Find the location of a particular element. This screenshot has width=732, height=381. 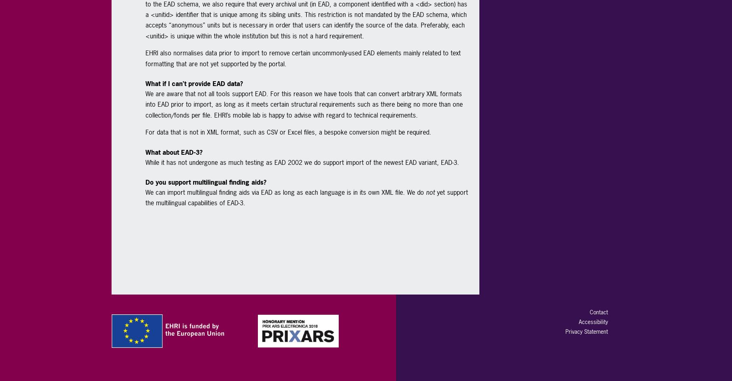

'We can import multilingual finding aids via EAD as long as each language is in its own XML file. We do' is located at coordinates (144, 191).